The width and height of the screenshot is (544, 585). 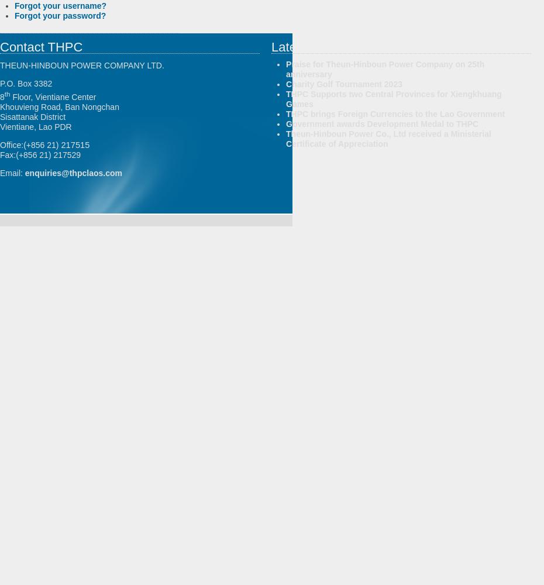 I want to click on 'Praise for Theun-Hinboun Power Company on 25th anniversary', so click(x=384, y=68).